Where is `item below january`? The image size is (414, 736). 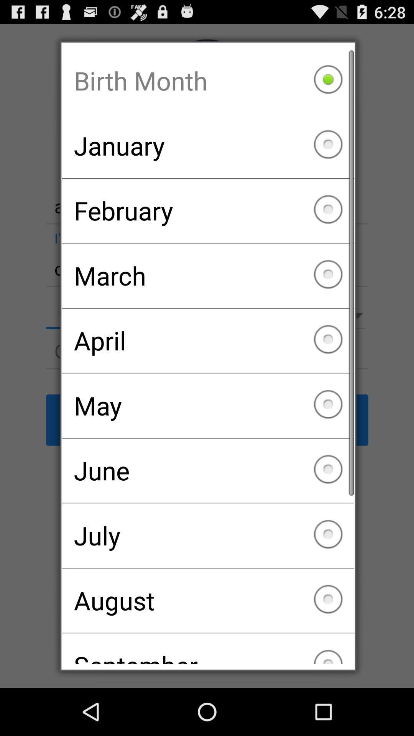 item below january is located at coordinates (208, 210).